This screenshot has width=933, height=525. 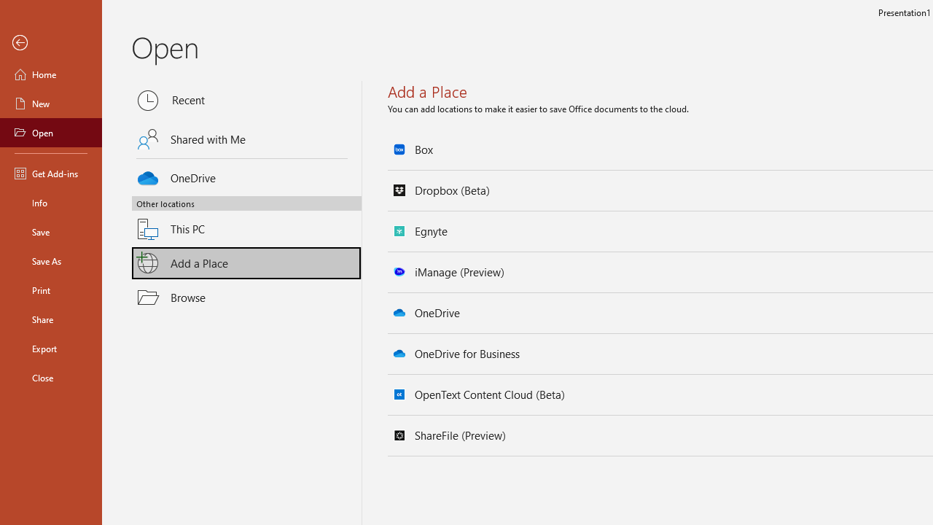 I want to click on 'Export', so click(x=50, y=349).